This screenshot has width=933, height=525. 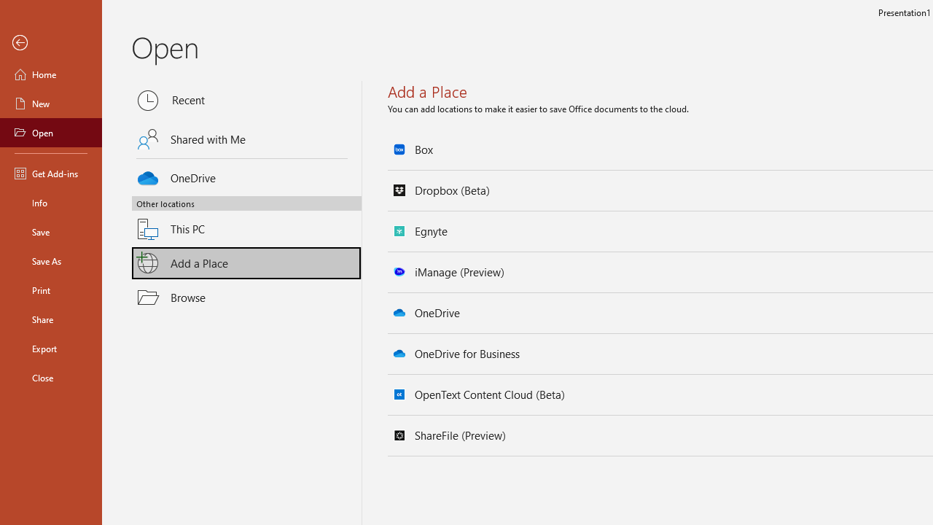 I want to click on 'Export', so click(x=50, y=349).